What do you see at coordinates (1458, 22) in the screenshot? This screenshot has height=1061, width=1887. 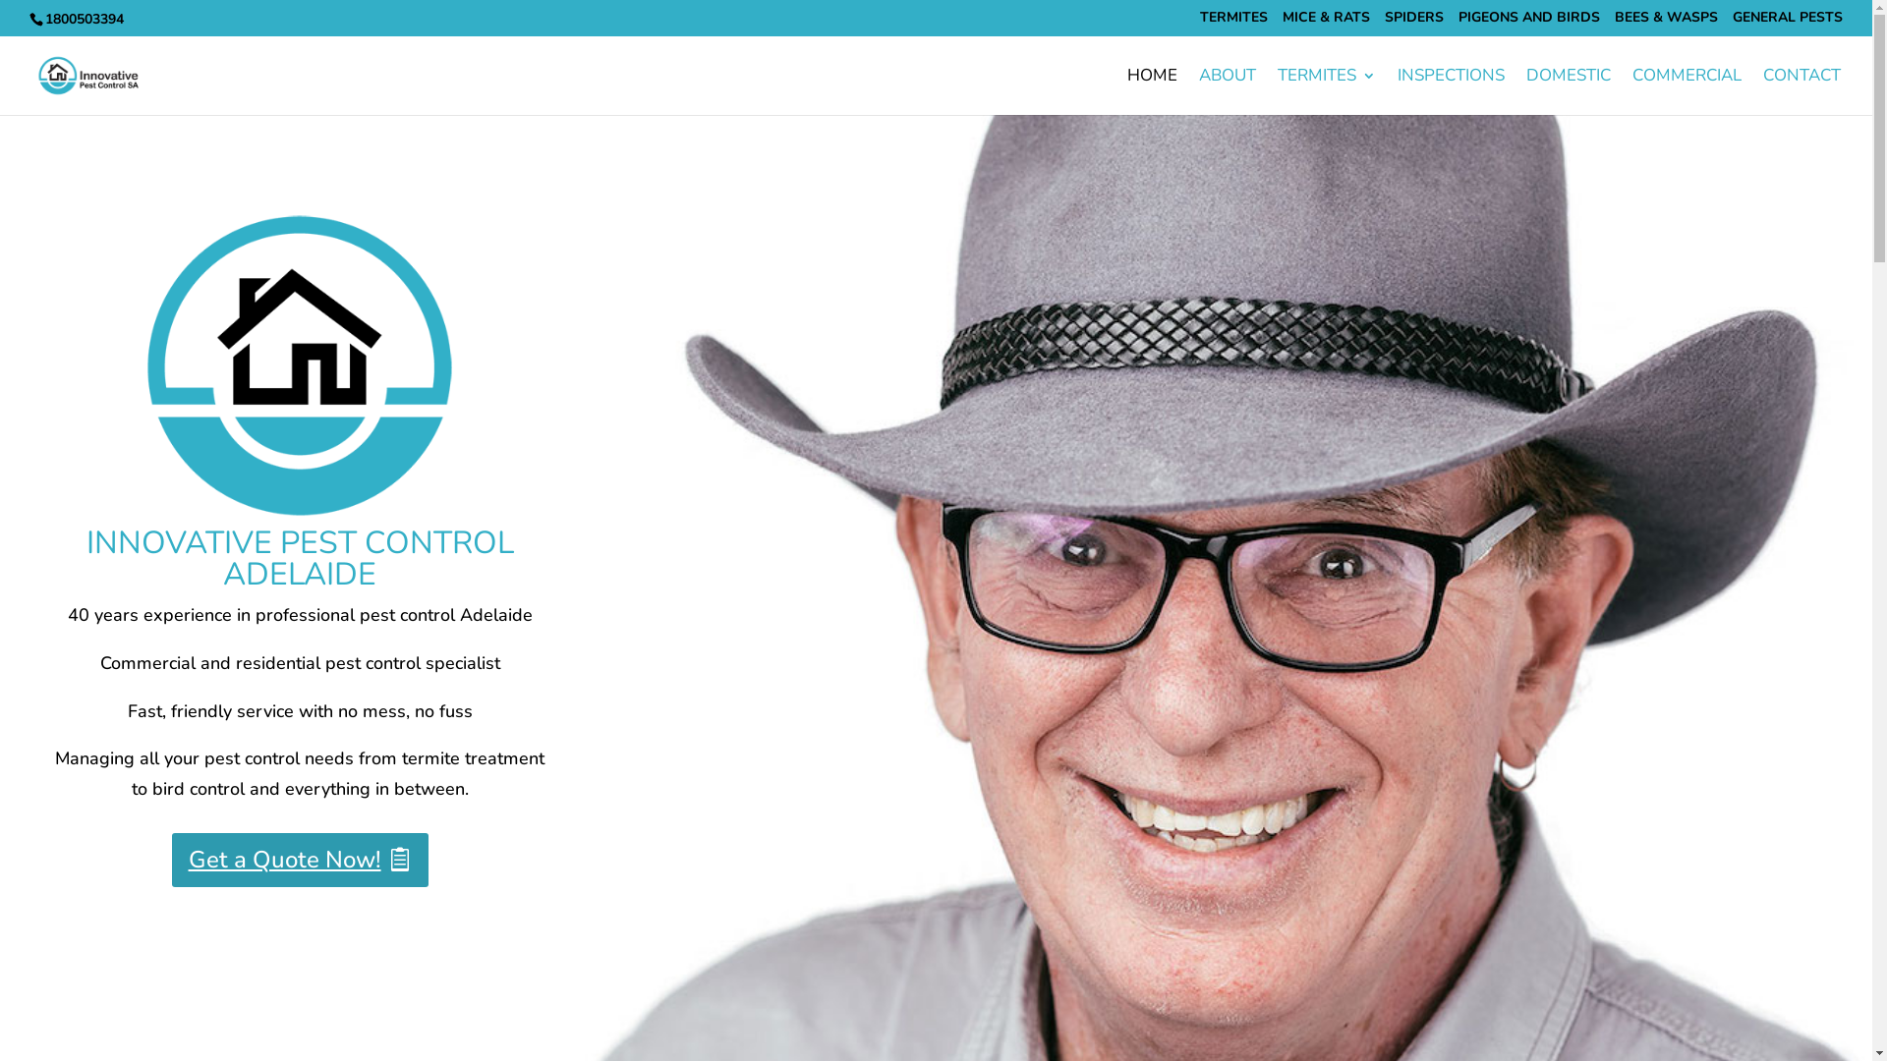 I see `'PIGEONS AND BIRDS'` at bounding box center [1458, 22].